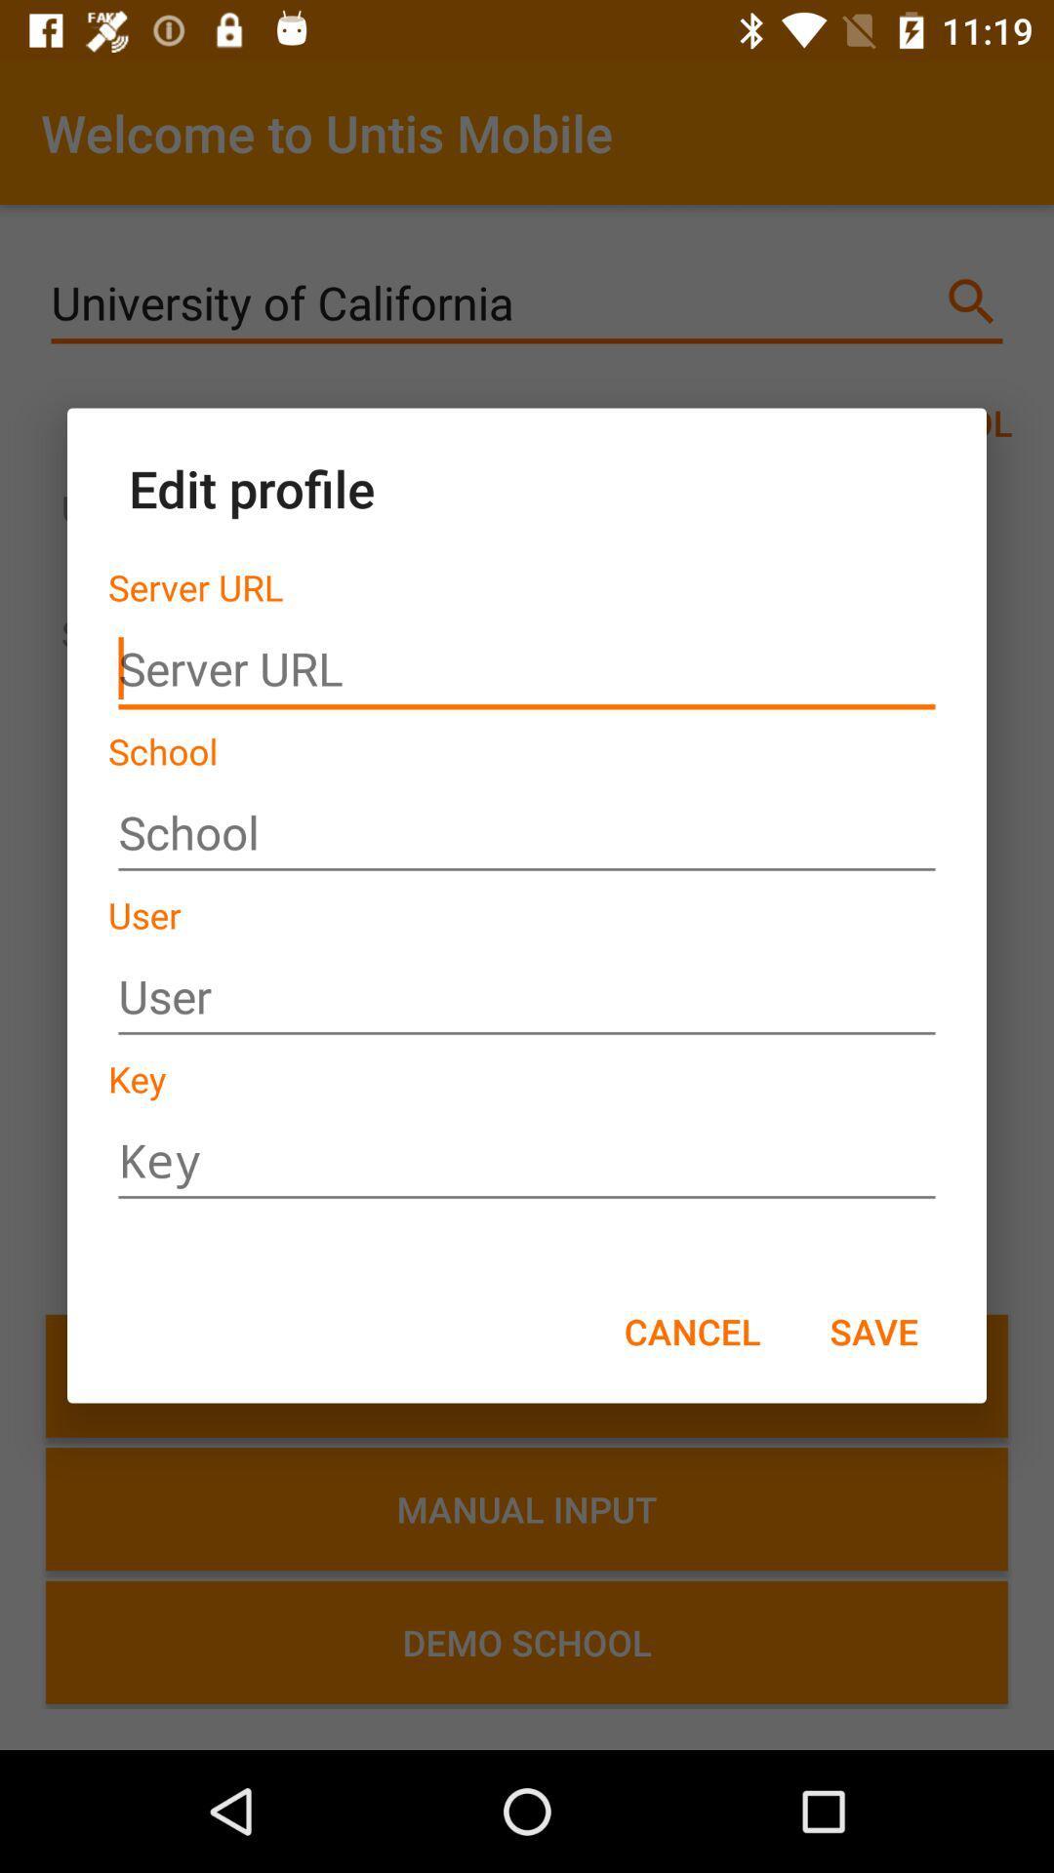  I want to click on school name enter option, so click(527, 833).